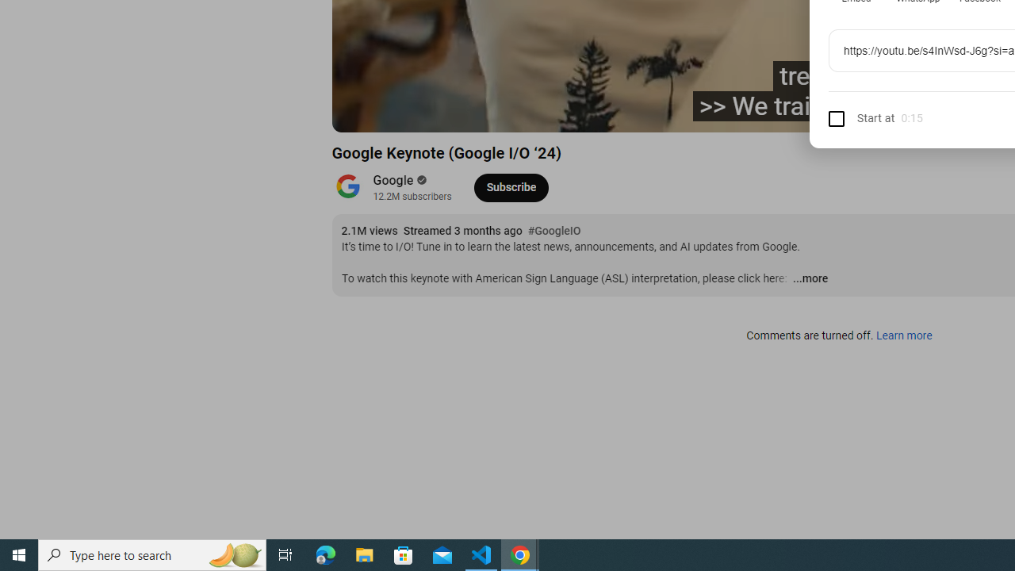  What do you see at coordinates (903, 335) in the screenshot?
I see `'Learn more'` at bounding box center [903, 335].